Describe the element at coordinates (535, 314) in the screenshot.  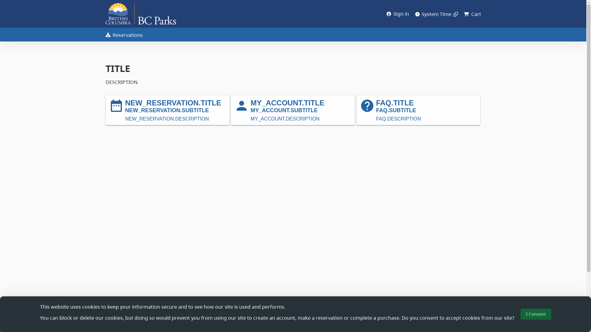
I see `'I Consent'` at that location.